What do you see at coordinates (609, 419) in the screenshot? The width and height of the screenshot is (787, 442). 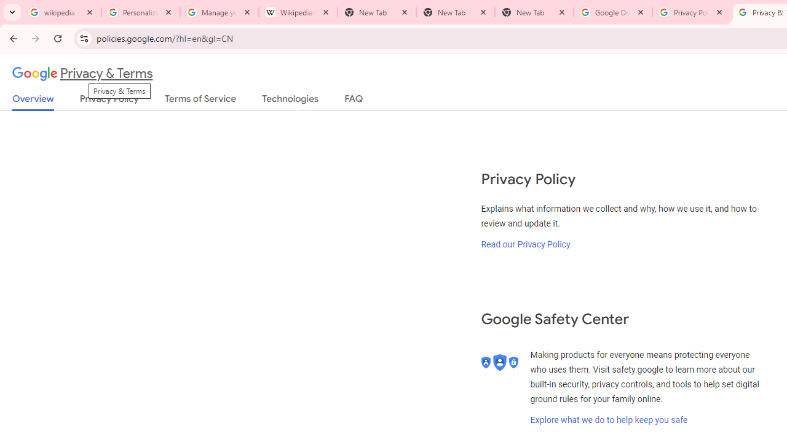 I see `'Explore what we do to help keep you safe'` at bounding box center [609, 419].